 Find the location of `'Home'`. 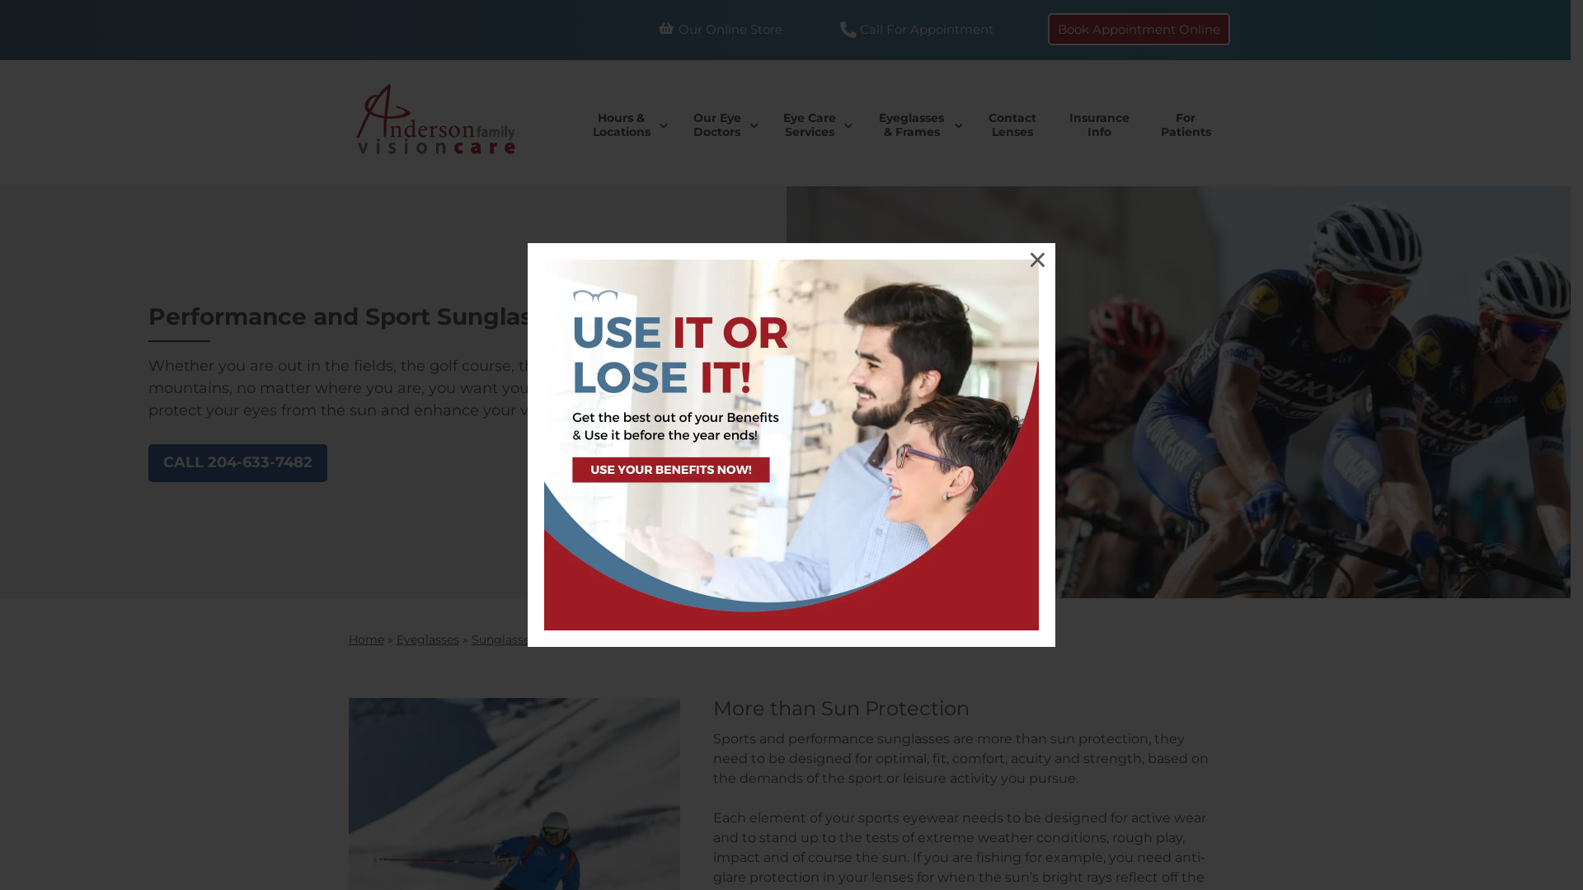

'Home' is located at coordinates (364, 638).